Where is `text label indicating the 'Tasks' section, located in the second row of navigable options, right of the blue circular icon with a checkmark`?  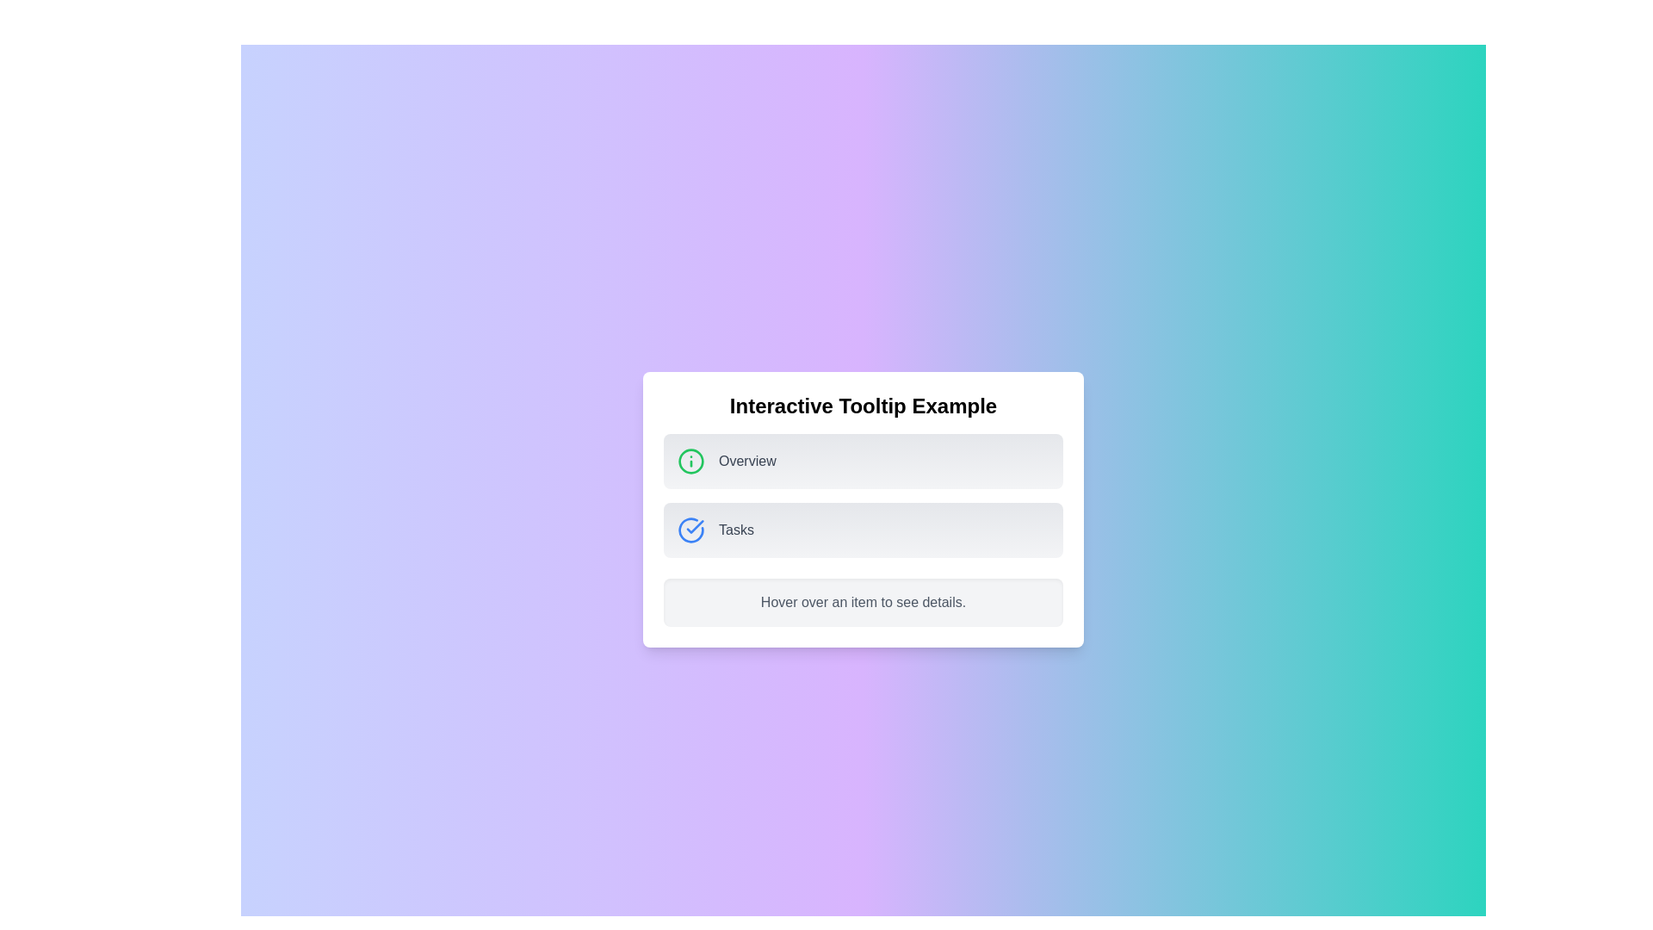
text label indicating the 'Tasks' section, located in the second row of navigable options, right of the blue circular icon with a checkmark is located at coordinates (736, 530).